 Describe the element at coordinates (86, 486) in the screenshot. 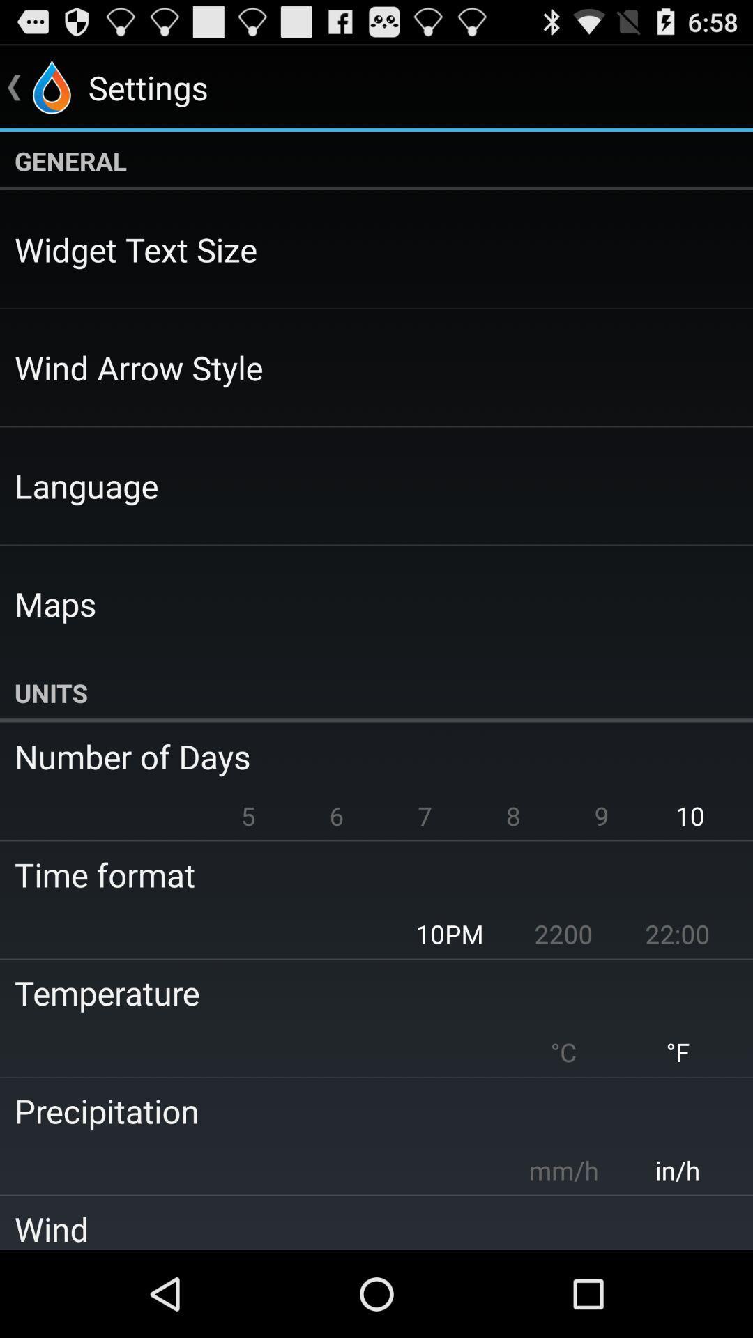

I see `icon below the wind arrow style app` at that location.